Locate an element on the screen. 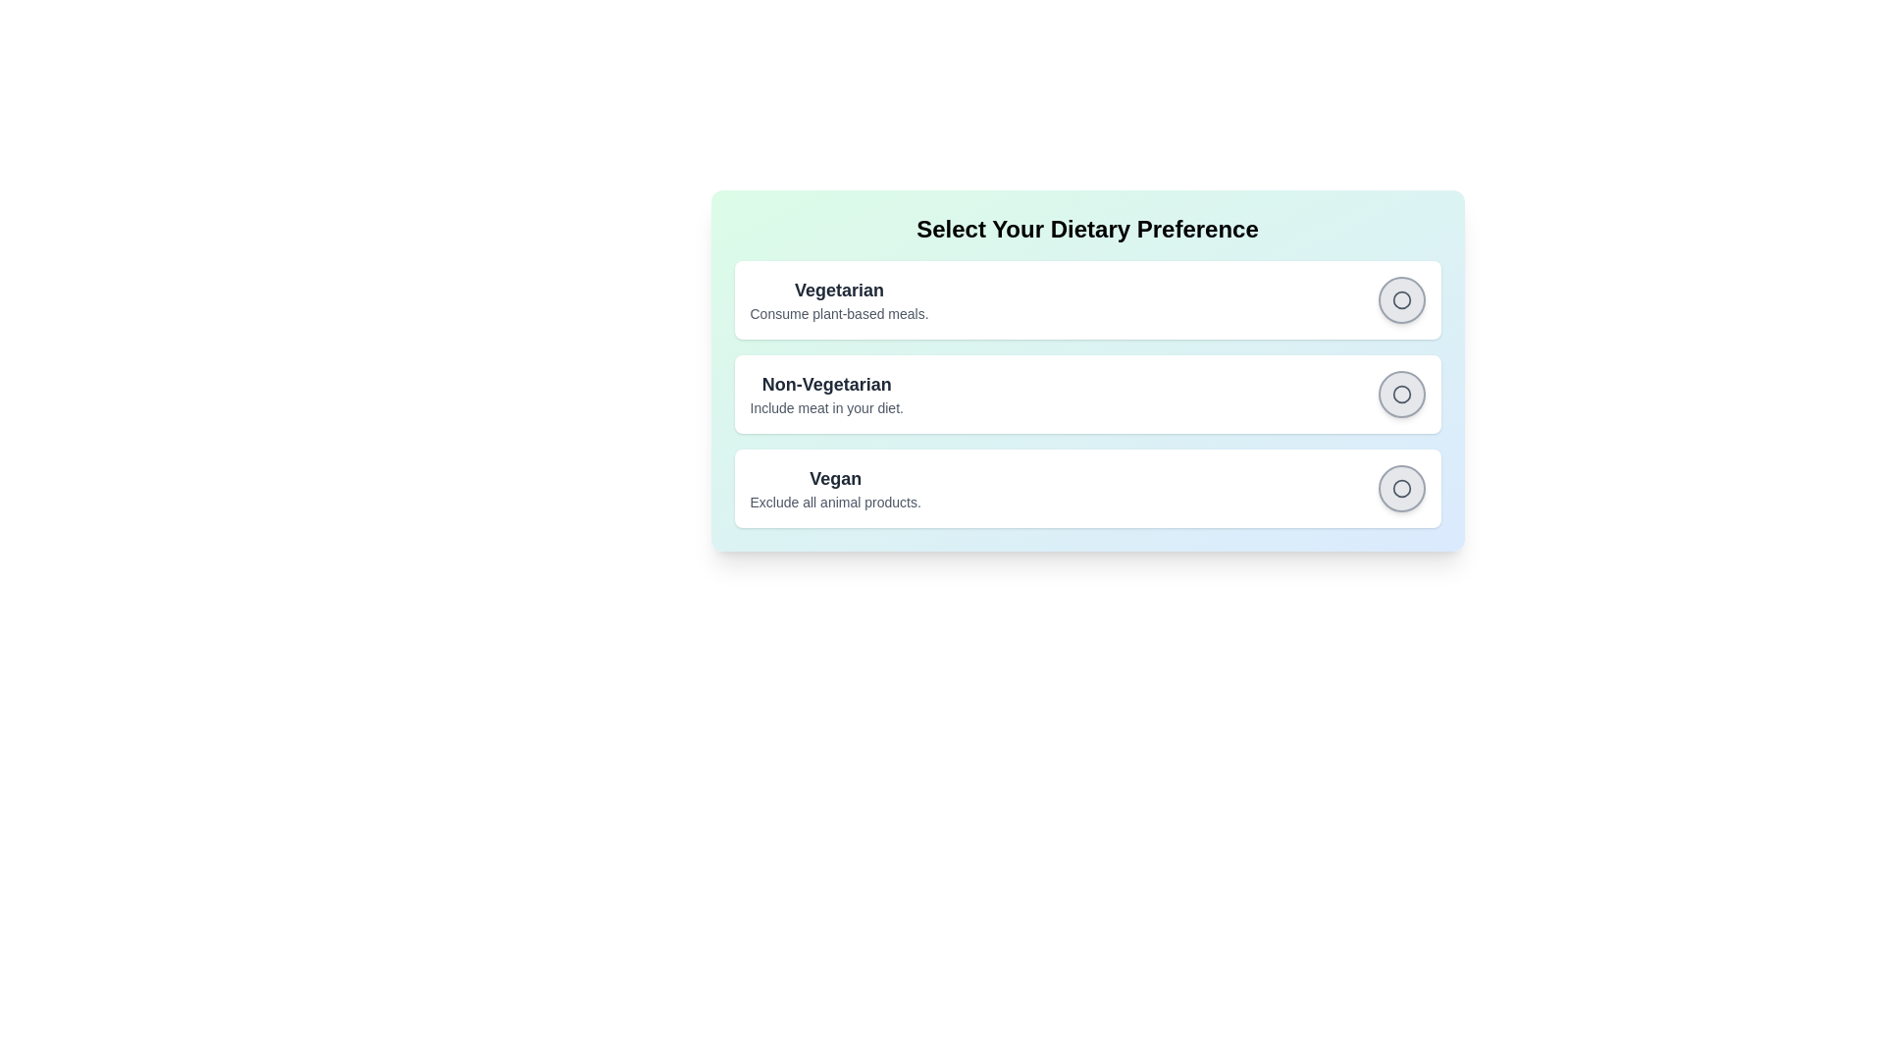 The image size is (1884, 1060). the unselected radio button for the 'Vegan' option is located at coordinates (1400, 487).